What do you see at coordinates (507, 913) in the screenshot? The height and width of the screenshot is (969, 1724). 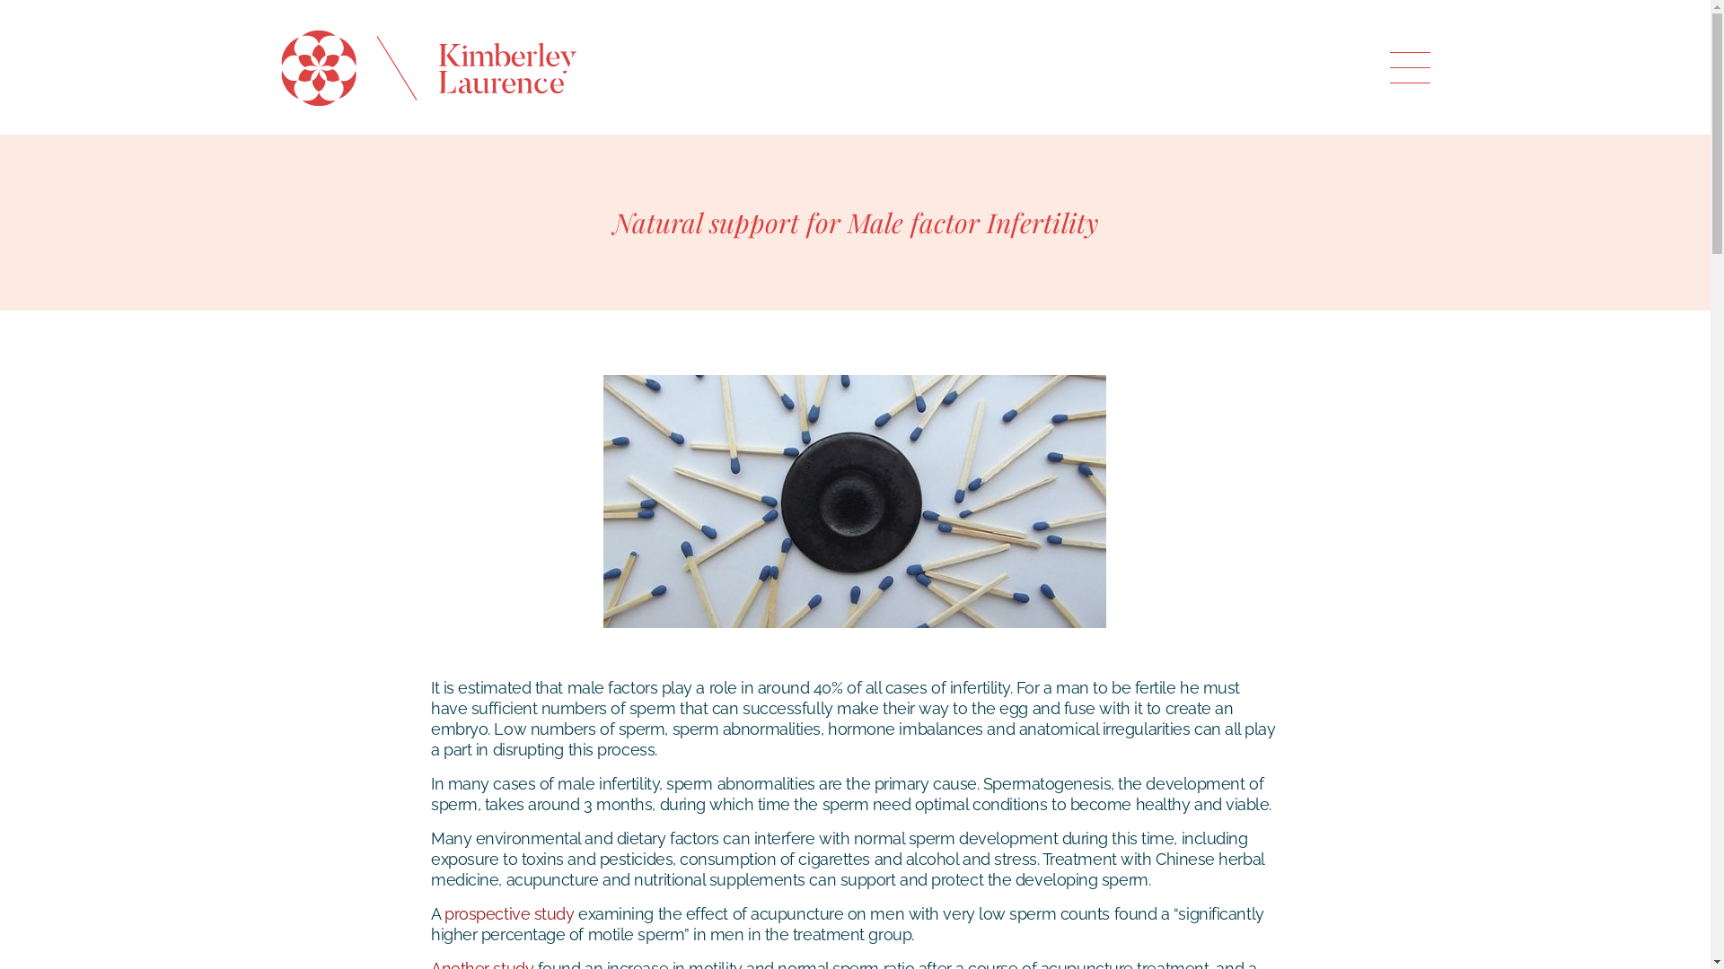 I see `'prospective study'` at bounding box center [507, 913].